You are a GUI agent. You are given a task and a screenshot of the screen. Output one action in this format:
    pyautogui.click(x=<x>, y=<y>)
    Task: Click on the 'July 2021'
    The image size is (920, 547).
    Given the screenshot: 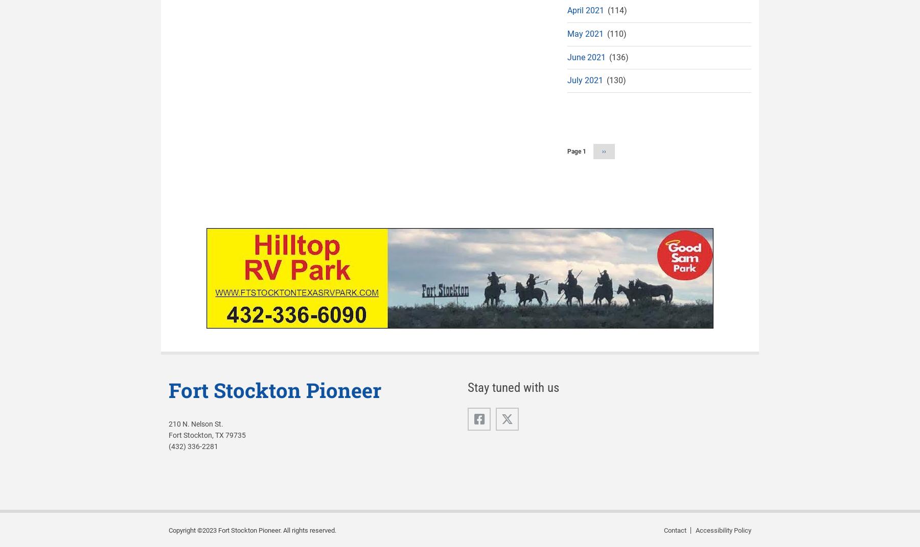 What is the action you would take?
    pyautogui.click(x=584, y=80)
    